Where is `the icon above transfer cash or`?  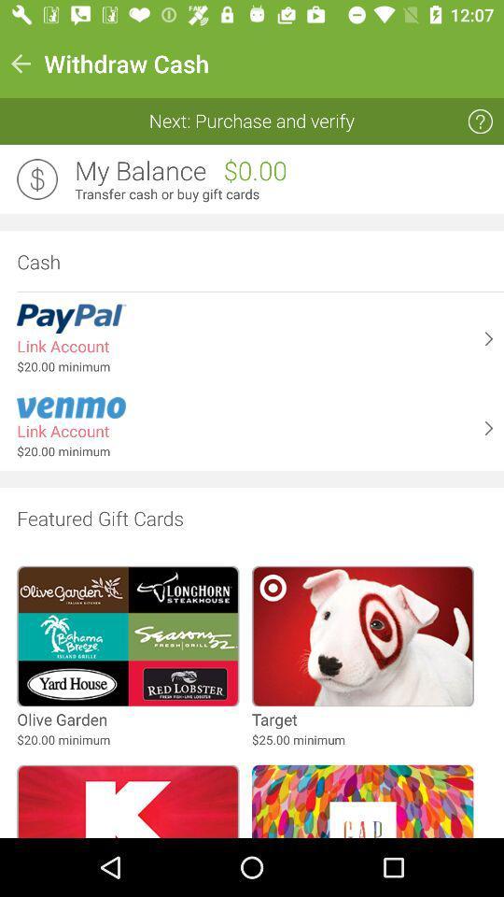 the icon above transfer cash or is located at coordinates (139, 171).